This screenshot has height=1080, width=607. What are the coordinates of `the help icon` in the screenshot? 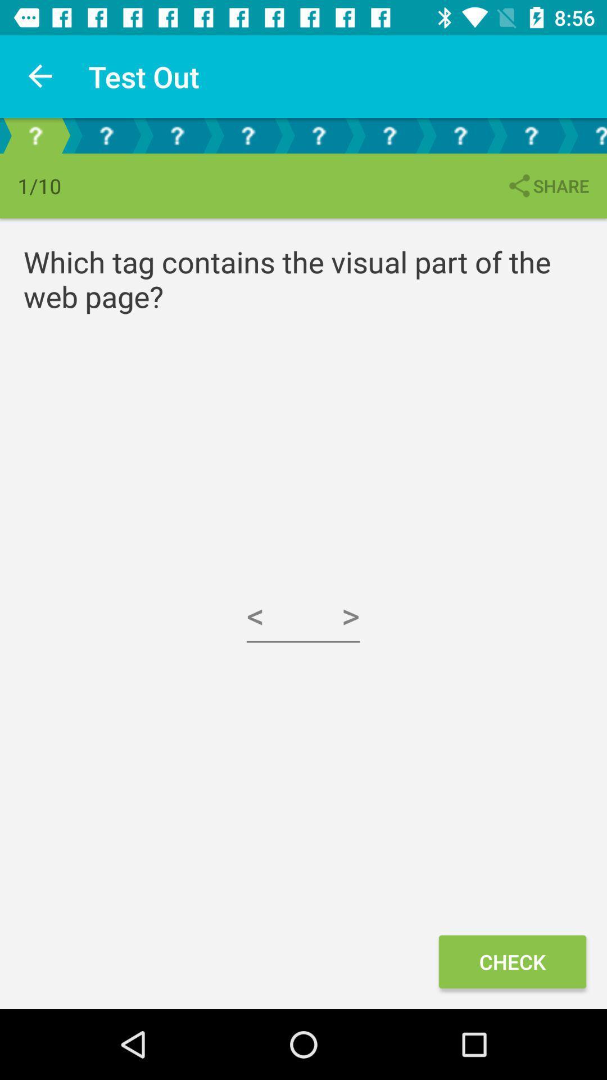 It's located at (106, 135).